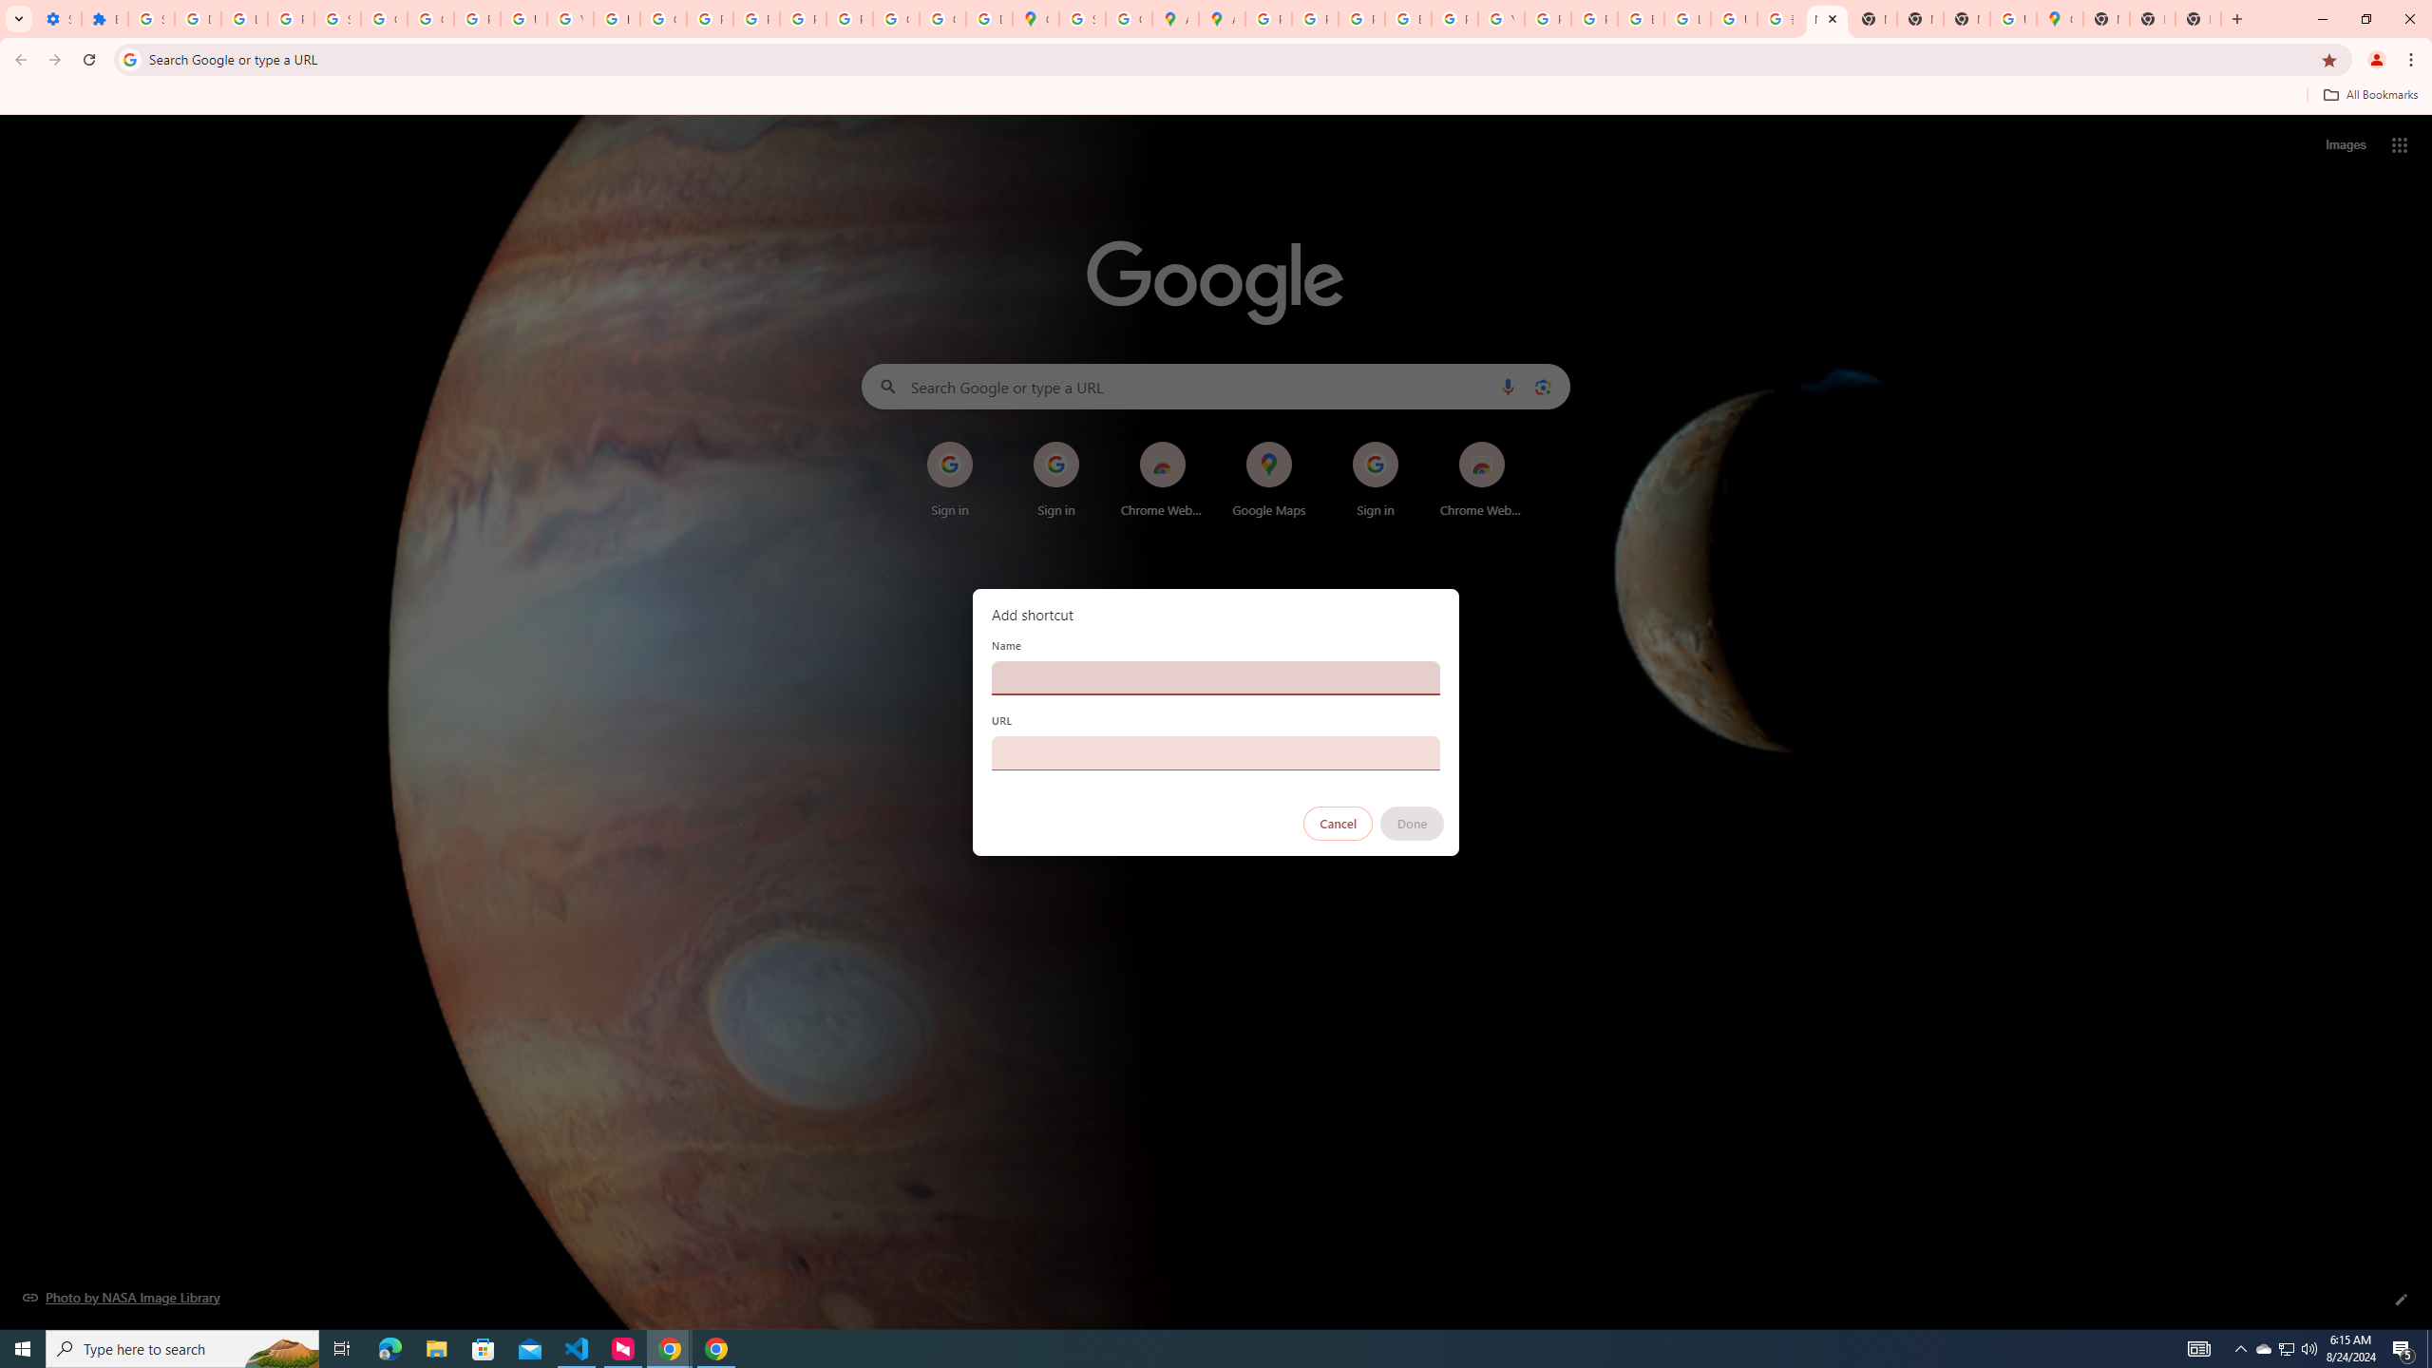 This screenshot has width=2432, height=1368. I want to click on 'New Tab', so click(2198, 18).